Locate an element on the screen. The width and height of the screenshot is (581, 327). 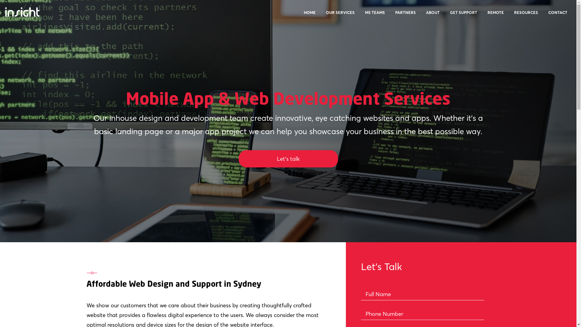
'HOME' is located at coordinates (310, 16).